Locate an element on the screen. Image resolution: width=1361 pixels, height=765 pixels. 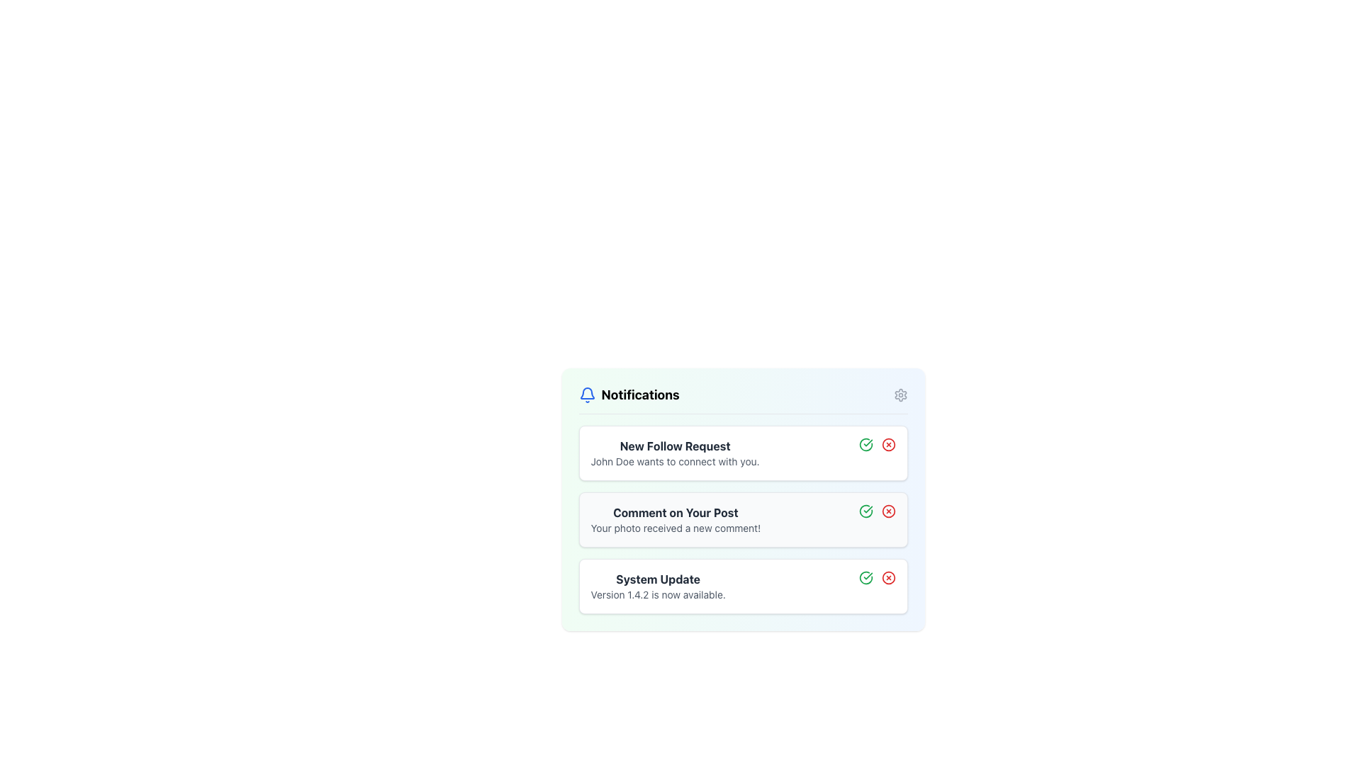
the cancel button located at the right end of the second row in the notification list is located at coordinates (887, 511).